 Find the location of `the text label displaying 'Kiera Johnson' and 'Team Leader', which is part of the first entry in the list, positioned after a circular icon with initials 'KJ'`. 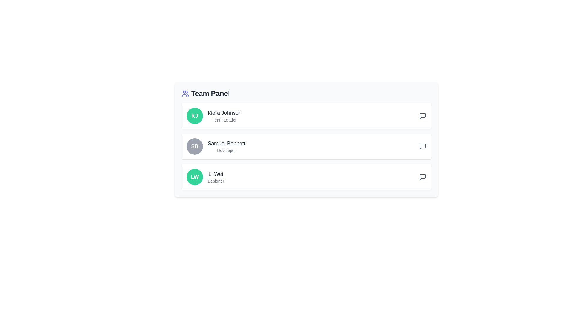

the text label displaying 'Kiera Johnson' and 'Team Leader', which is part of the first entry in the list, positioned after a circular icon with initials 'KJ' is located at coordinates (224, 116).